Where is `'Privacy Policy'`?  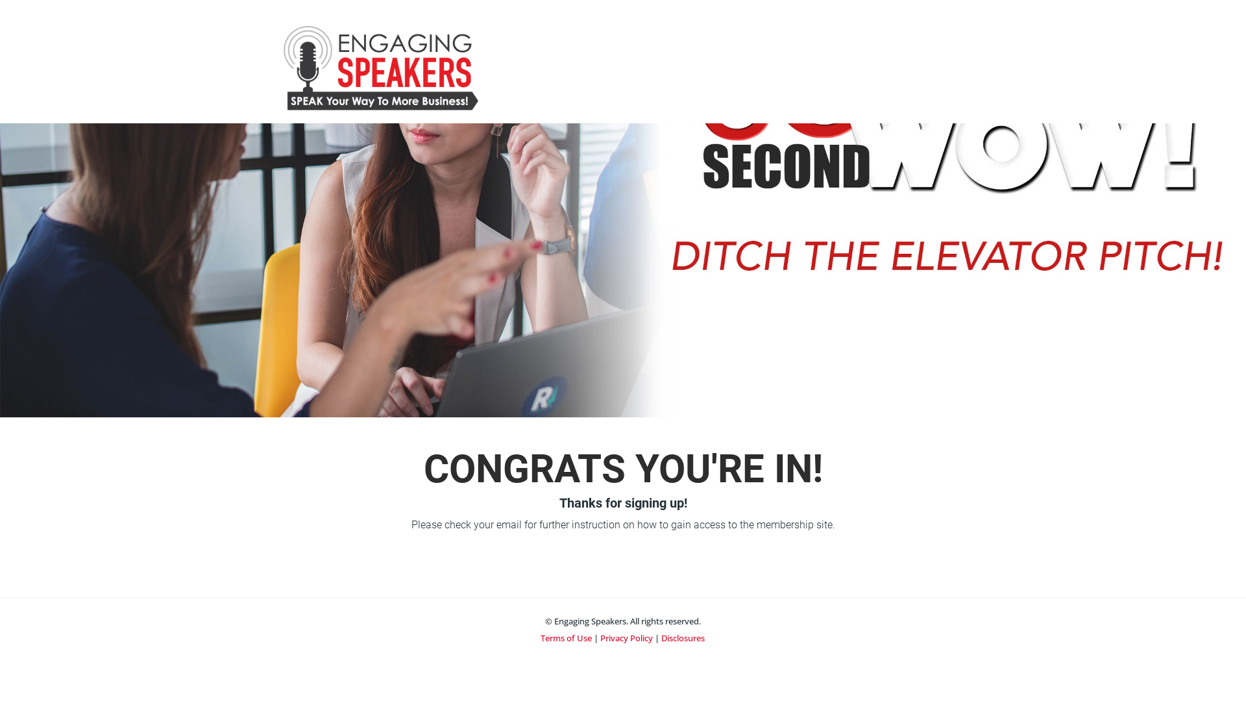 'Privacy Policy' is located at coordinates (626, 637).